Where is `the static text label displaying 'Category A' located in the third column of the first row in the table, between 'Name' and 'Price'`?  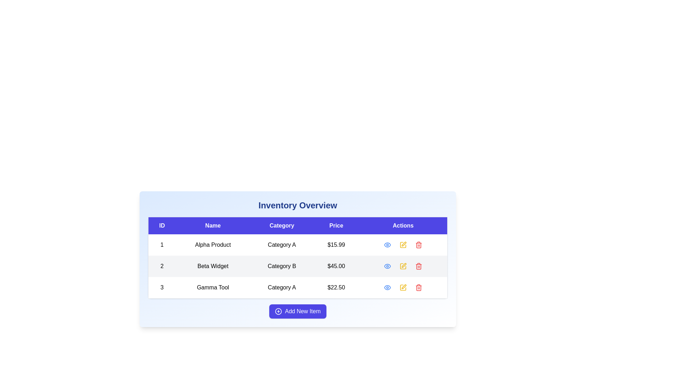 the static text label displaying 'Category A' located in the third column of the first row in the table, between 'Name' and 'Price' is located at coordinates (281, 245).